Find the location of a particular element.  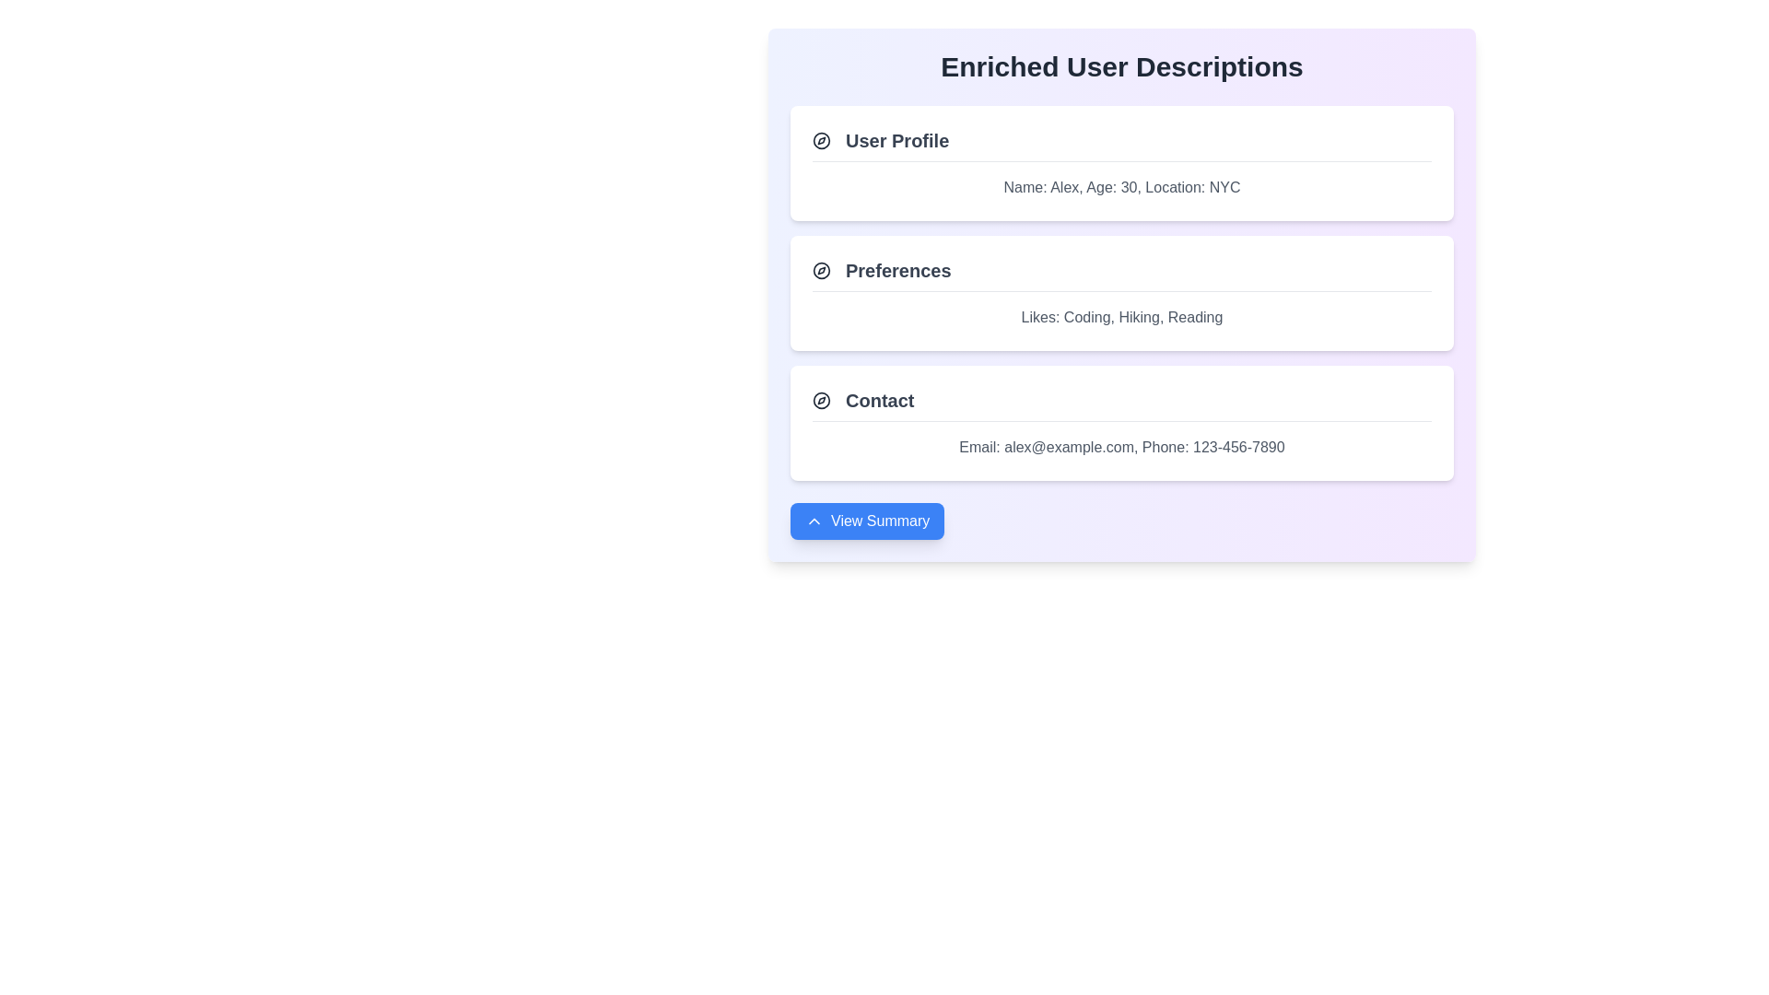

the Text label that serves as the title for the contact information section, located in the third section of the main content under the title 'Contact', positioned to the right of a compass or location marker icon is located at coordinates (879, 400).